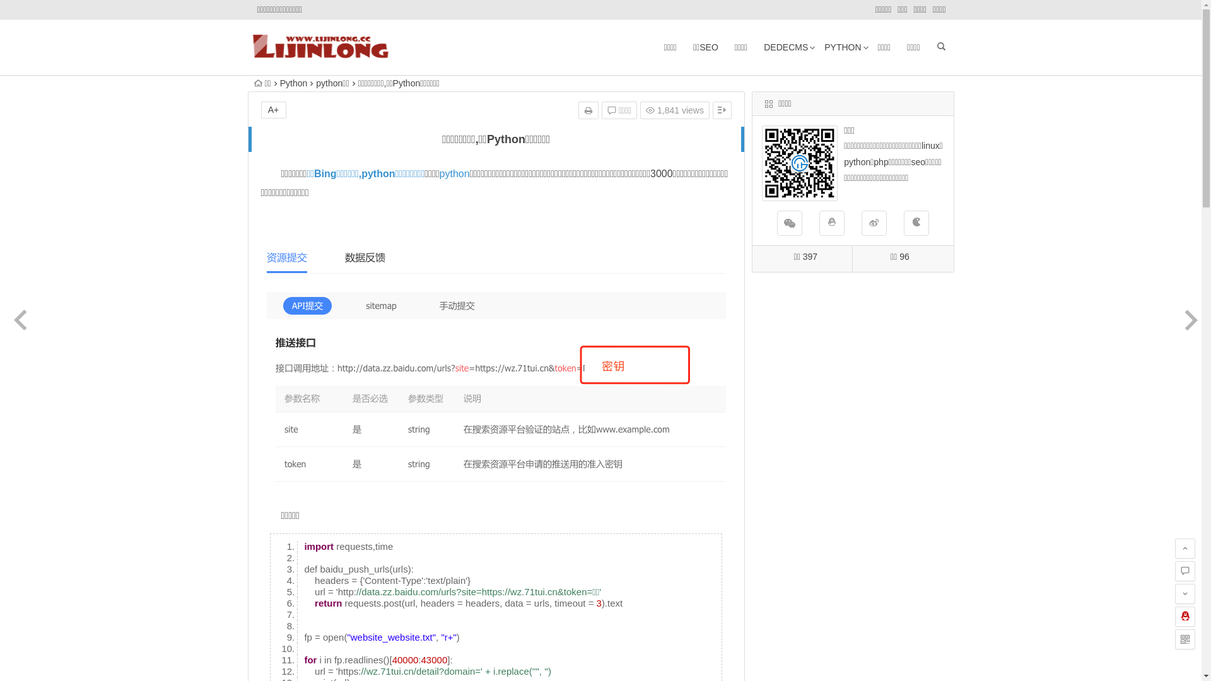  What do you see at coordinates (785, 46) in the screenshot?
I see `'DEDECMS'` at bounding box center [785, 46].